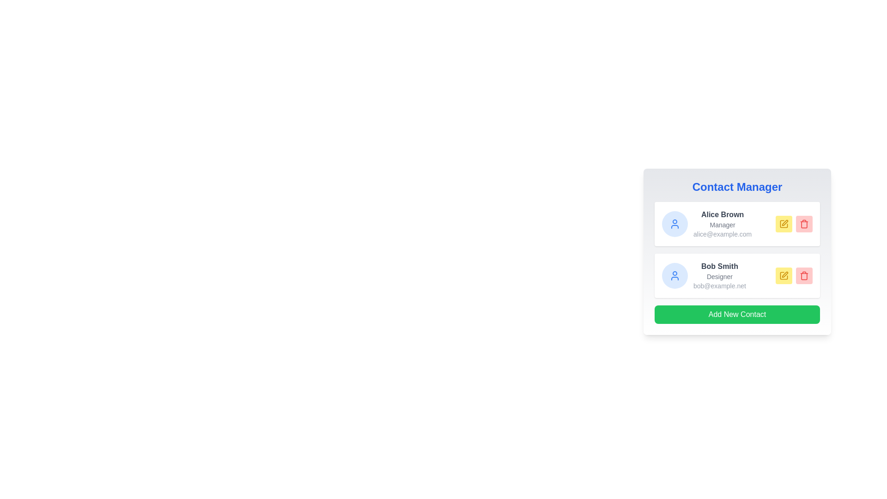  Describe the element at coordinates (804, 275) in the screenshot. I see `trash button next to the contact named Bob Smith` at that location.